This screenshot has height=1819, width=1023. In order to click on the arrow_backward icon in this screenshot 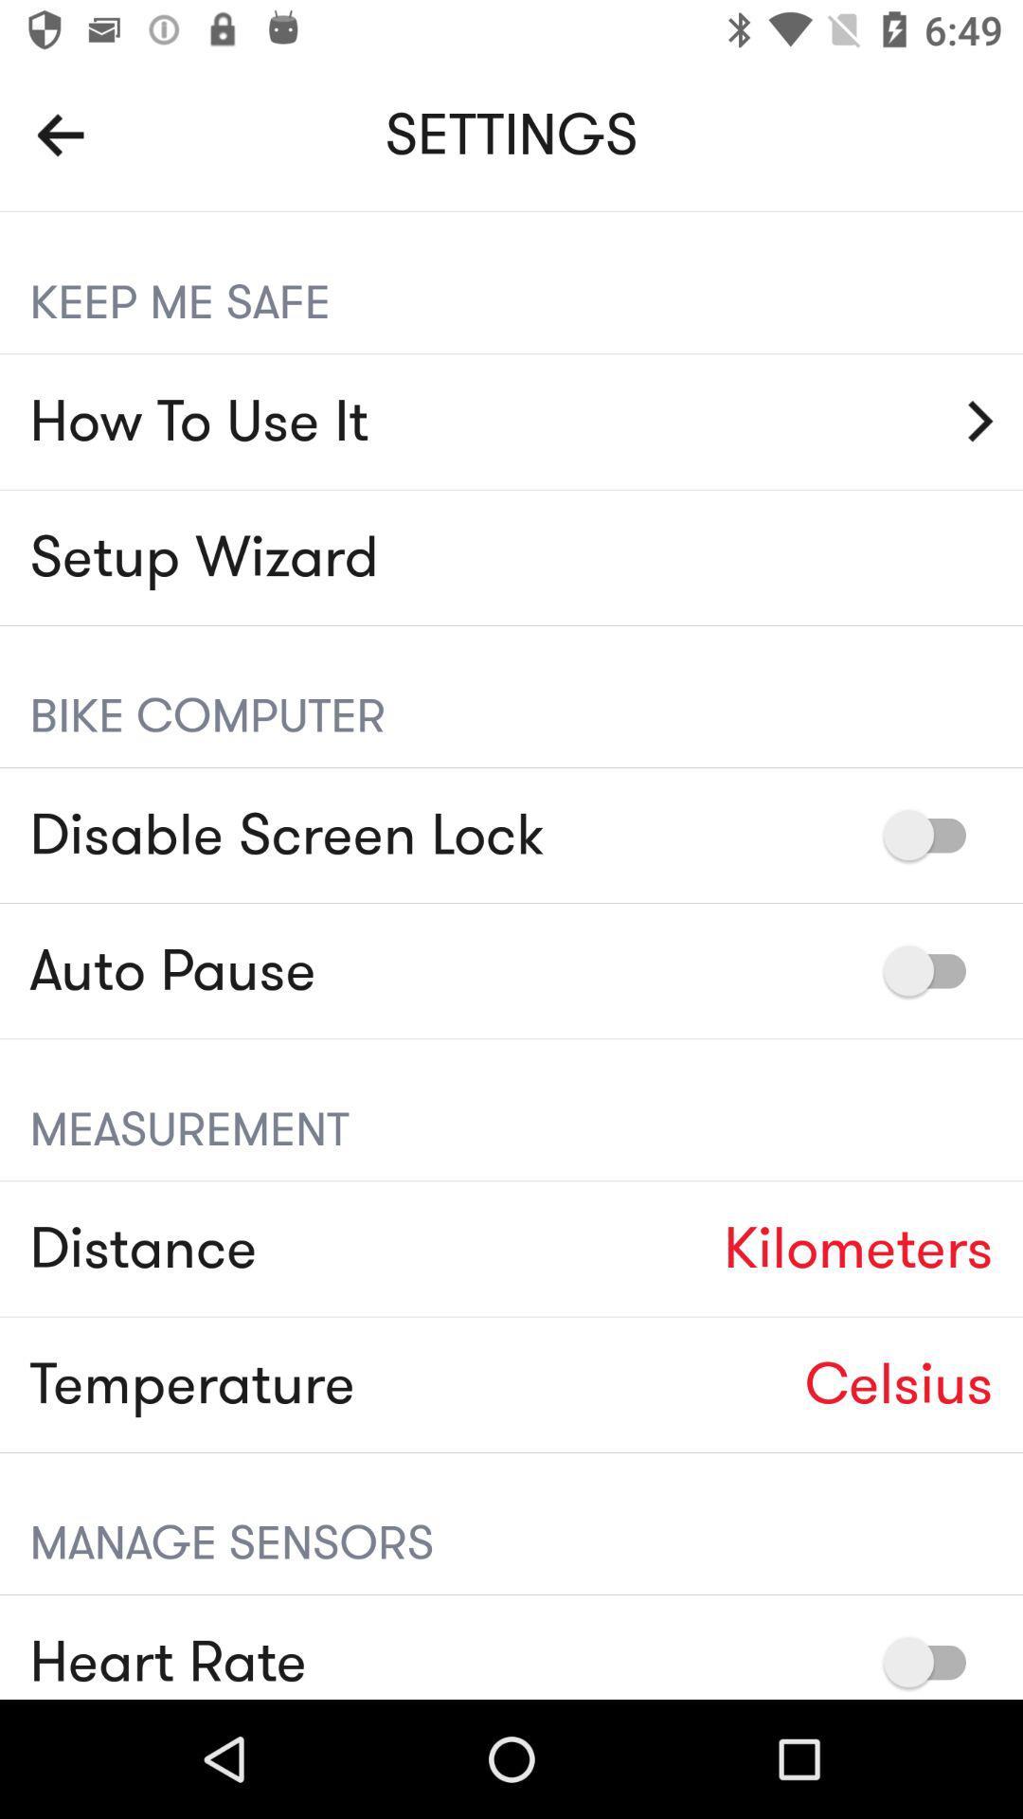, I will do `click(60, 134)`.